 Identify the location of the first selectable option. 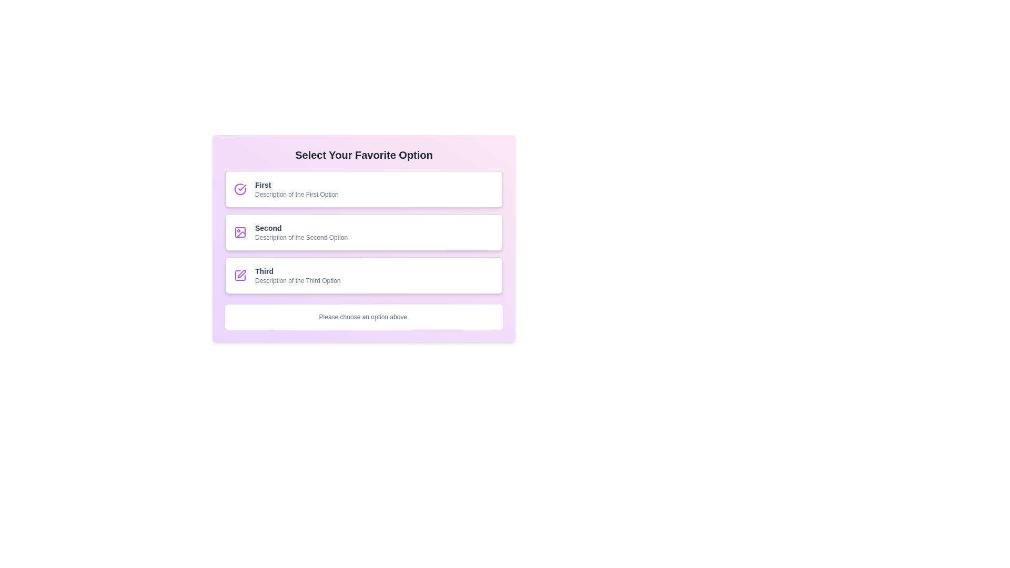
(363, 188).